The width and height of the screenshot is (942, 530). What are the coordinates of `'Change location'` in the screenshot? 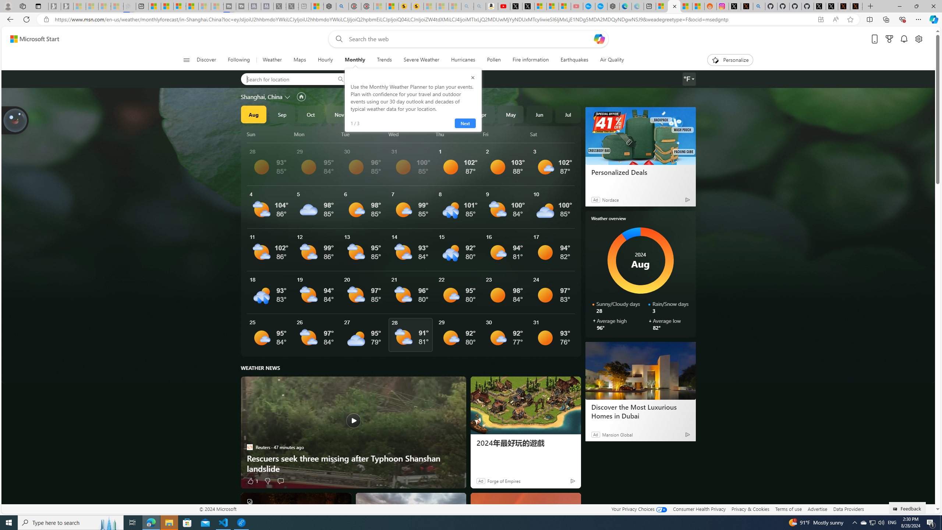 It's located at (288, 97).